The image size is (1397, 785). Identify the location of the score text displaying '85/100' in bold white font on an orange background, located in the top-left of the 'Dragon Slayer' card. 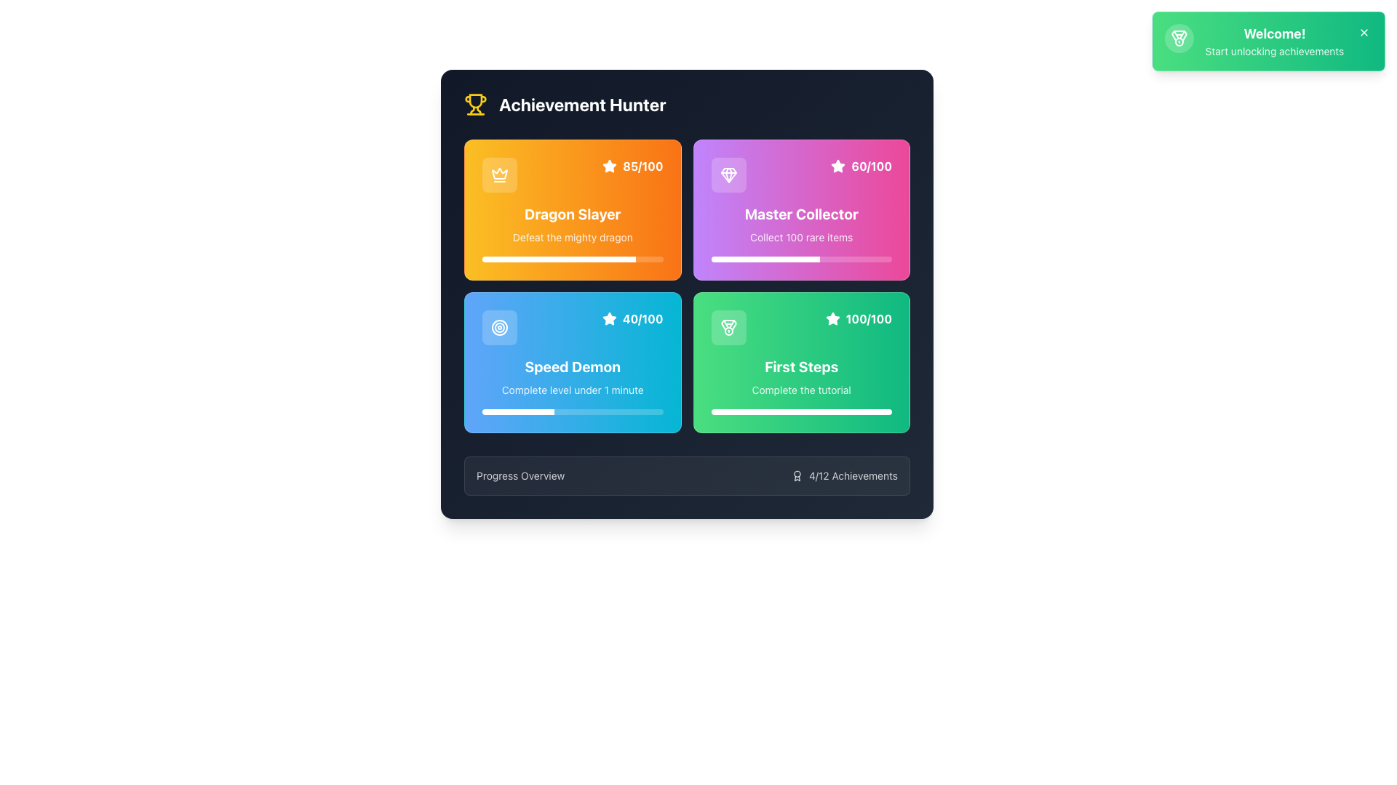
(642, 165).